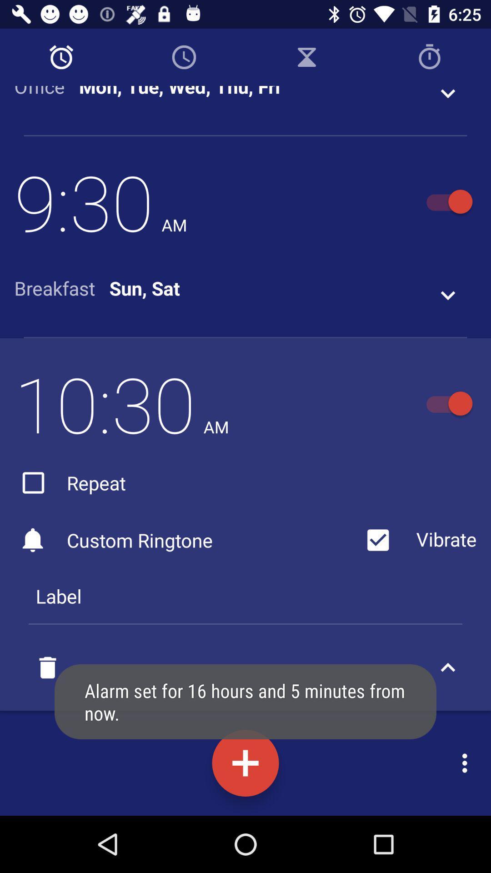  Describe the element at coordinates (186, 540) in the screenshot. I see `icon above label item` at that location.